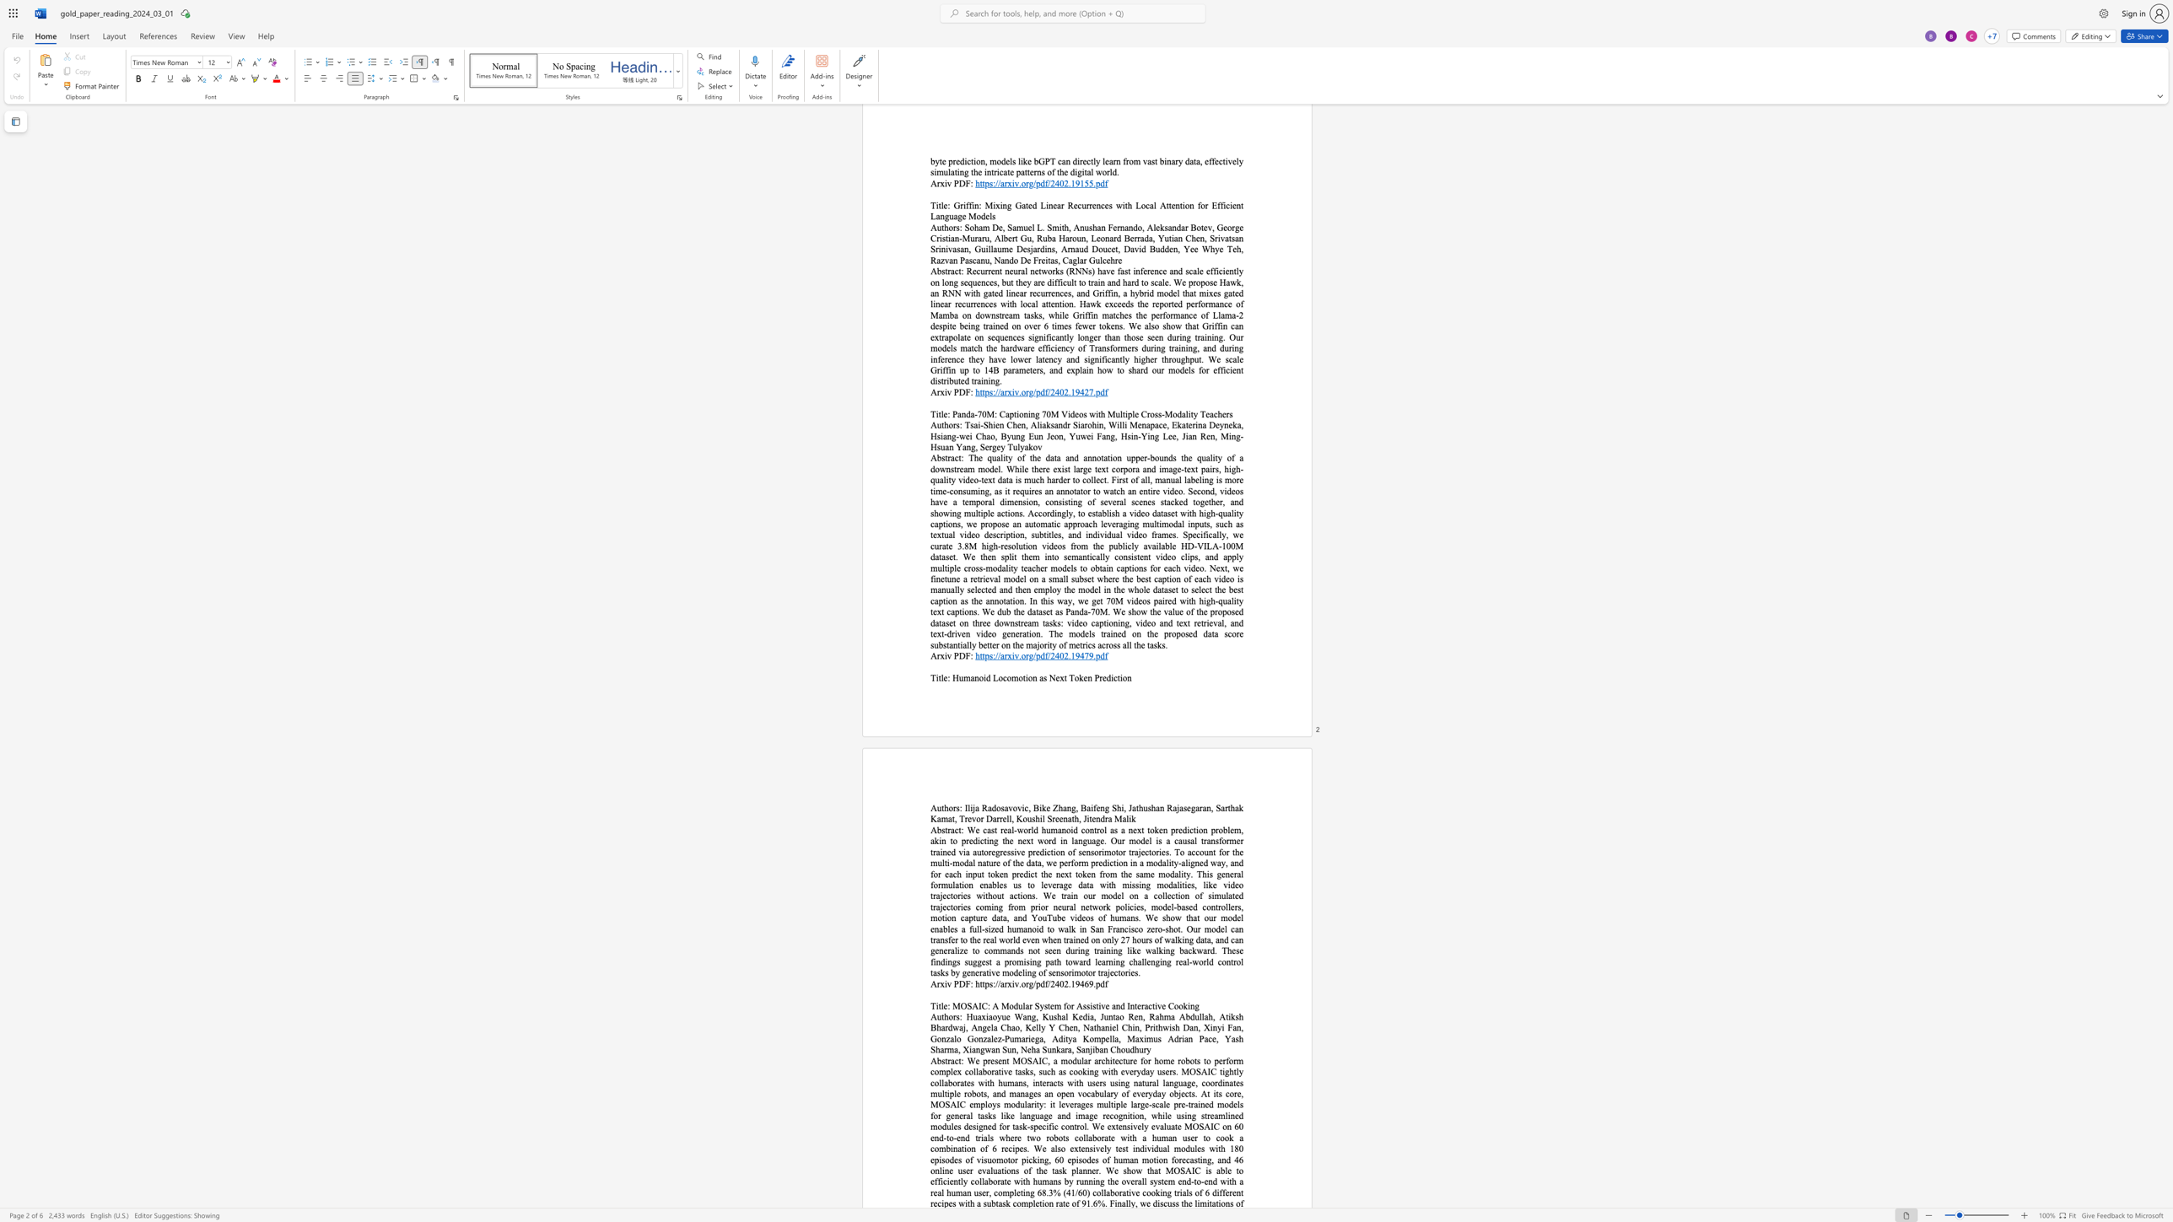  Describe the element at coordinates (951, 939) in the screenshot. I see `the space between the continuous character "f" and "e" in the text` at that location.